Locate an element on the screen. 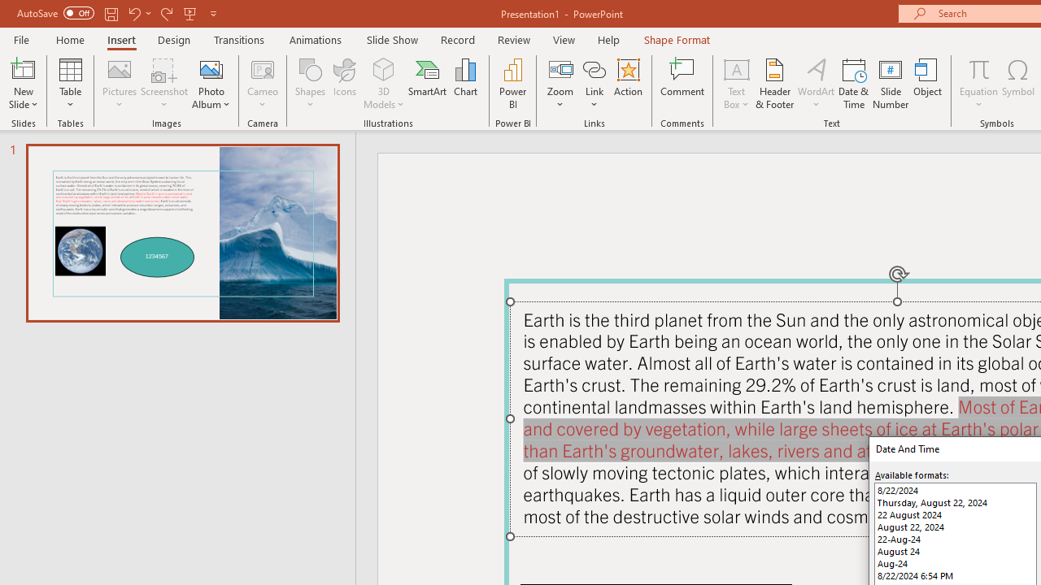 This screenshot has height=585, width=1041. 'New Slide' is located at coordinates (23, 84).